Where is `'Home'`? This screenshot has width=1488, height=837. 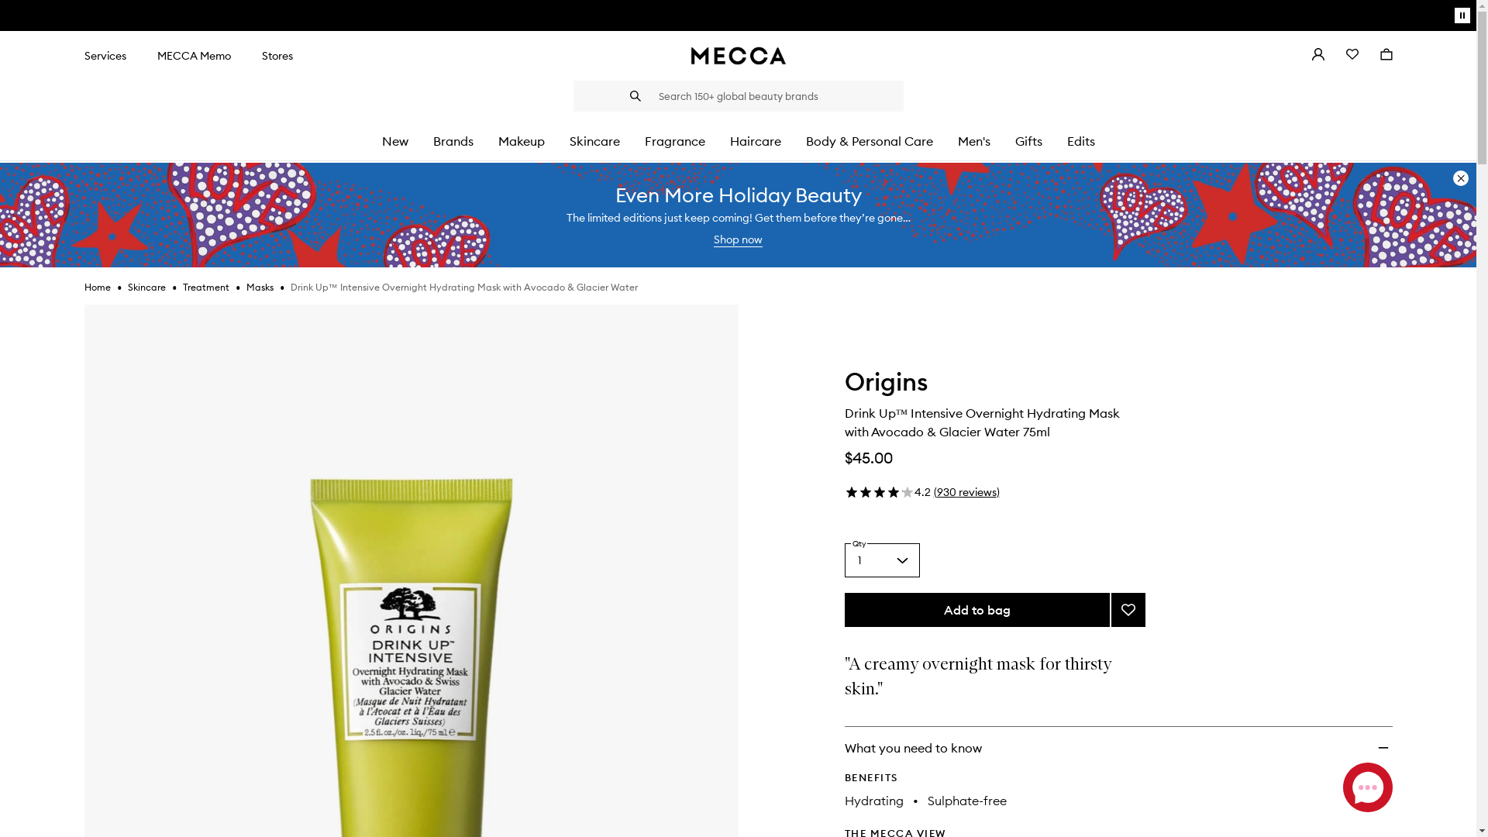
'Home' is located at coordinates (83, 287).